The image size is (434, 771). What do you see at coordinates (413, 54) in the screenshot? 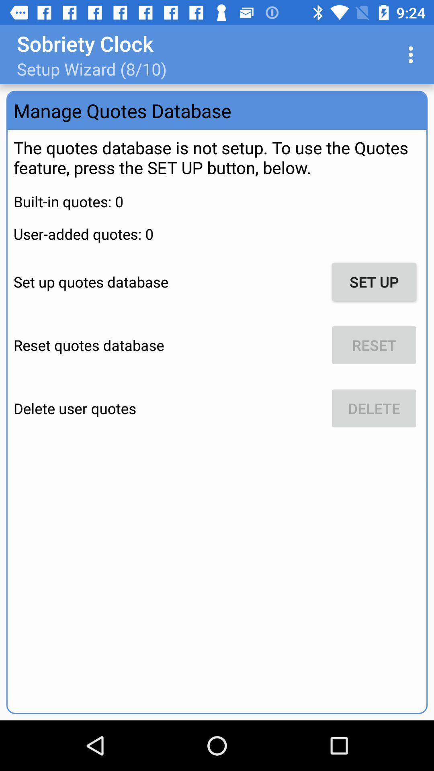
I see `icon to the right of setup wizard 8 icon` at bounding box center [413, 54].